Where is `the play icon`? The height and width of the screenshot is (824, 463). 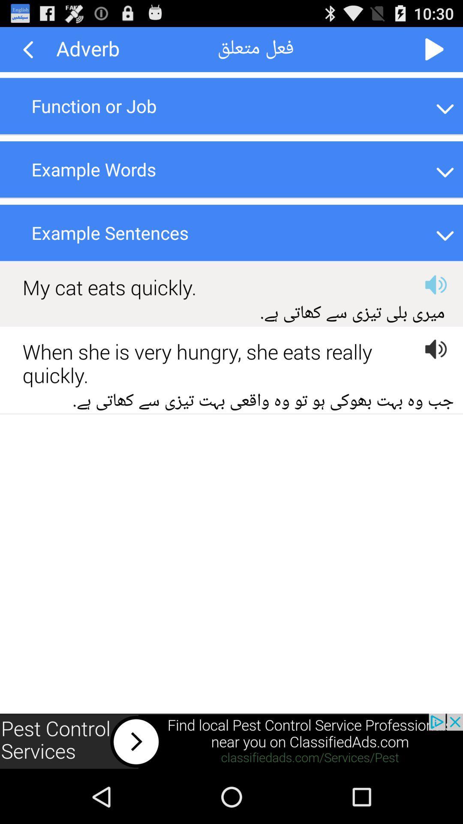
the play icon is located at coordinates (435, 52).